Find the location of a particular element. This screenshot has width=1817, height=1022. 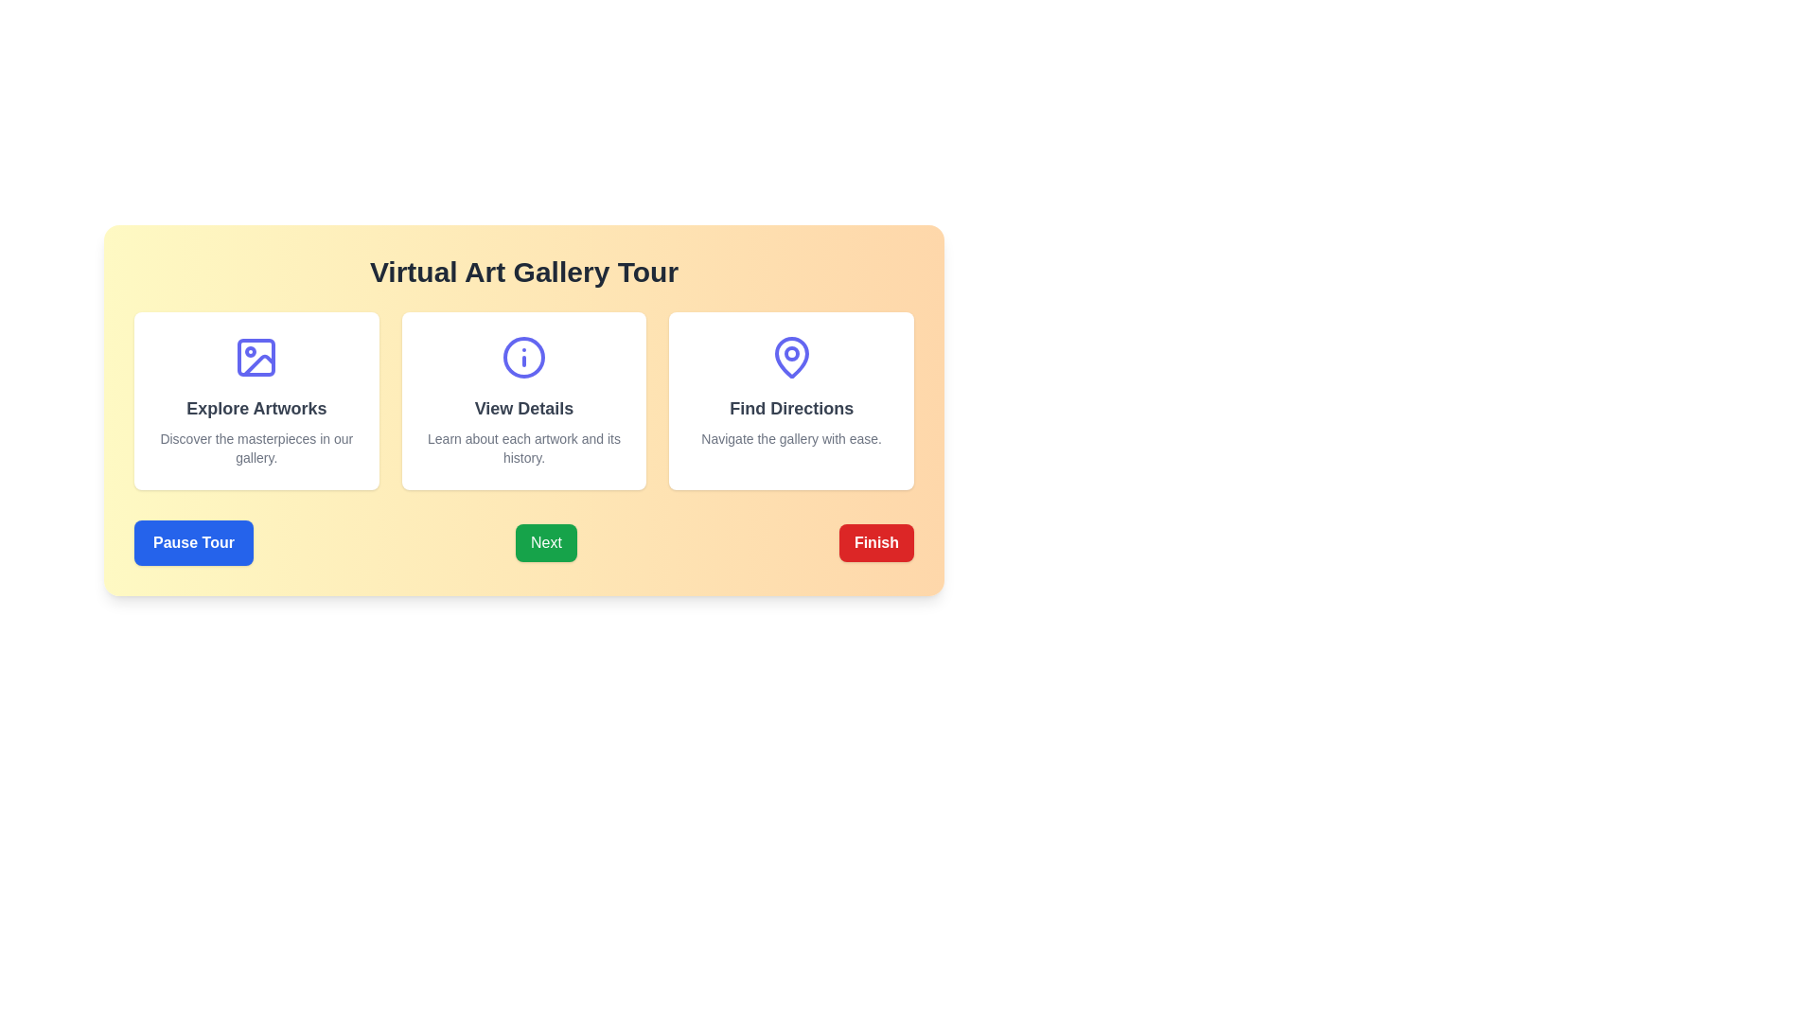

the circular icon with a blue outline and a prominent blue letter 'i' in the center, located in the central card titled 'View Details' beneath the heading 'Virtual Art Gallery Tour' is located at coordinates (523, 358).